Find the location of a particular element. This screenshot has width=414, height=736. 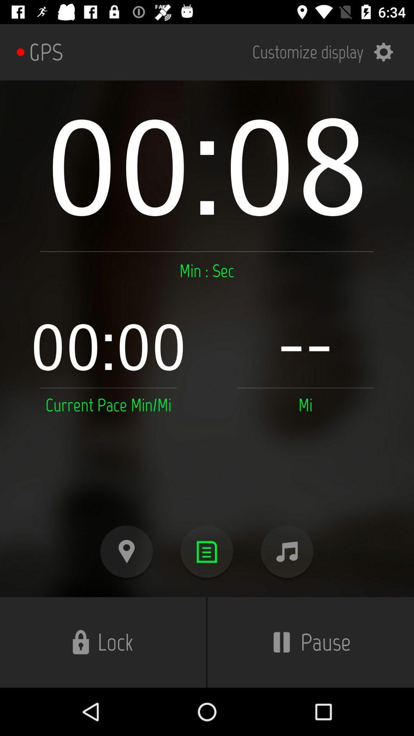

the music icon is located at coordinates (287, 551).